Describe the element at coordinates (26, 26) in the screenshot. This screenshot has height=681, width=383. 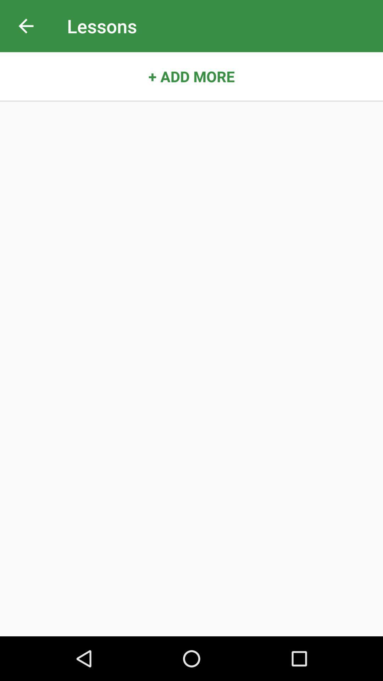
I see `icon next to lessons item` at that location.